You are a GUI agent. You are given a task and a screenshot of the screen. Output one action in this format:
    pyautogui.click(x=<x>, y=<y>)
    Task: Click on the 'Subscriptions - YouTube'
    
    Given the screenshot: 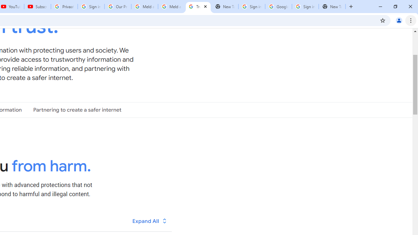 What is the action you would take?
    pyautogui.click(x=37, y=7)
    